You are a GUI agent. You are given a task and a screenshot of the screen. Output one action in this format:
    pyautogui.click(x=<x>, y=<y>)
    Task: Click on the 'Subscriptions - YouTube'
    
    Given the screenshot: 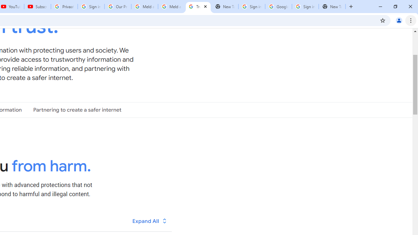 What is the action you would take?
    pyautogui.click(x=37, y=7)
    